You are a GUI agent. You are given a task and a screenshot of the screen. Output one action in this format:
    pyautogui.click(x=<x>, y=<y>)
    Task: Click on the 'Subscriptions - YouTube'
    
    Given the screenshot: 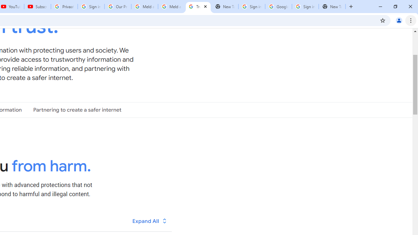 What is the action you would take?
    pyautogui.click(x=37, y=7)
    